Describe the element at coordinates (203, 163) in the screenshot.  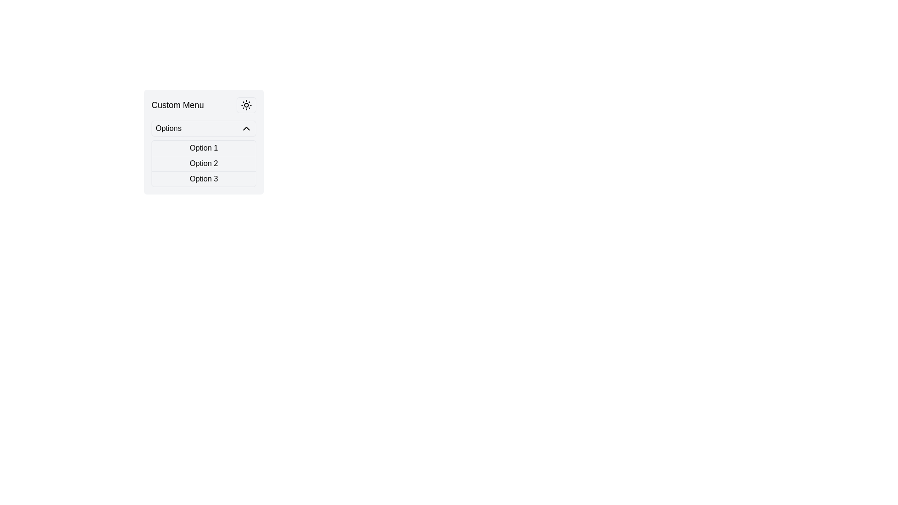
I see `the text-based menu option reading 'Option 2'` at that location.